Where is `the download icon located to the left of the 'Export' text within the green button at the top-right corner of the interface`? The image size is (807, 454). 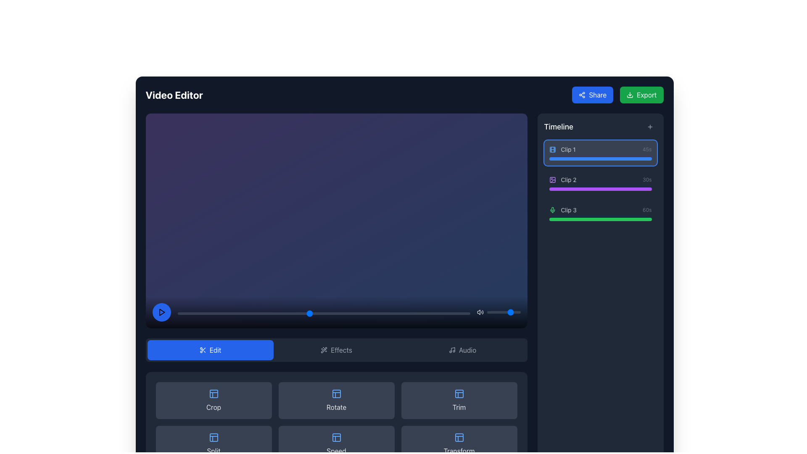 the download icon located to the left of the 'Export' text within the green button at the top-right corner of the interface is located at coordinates (630, 95).